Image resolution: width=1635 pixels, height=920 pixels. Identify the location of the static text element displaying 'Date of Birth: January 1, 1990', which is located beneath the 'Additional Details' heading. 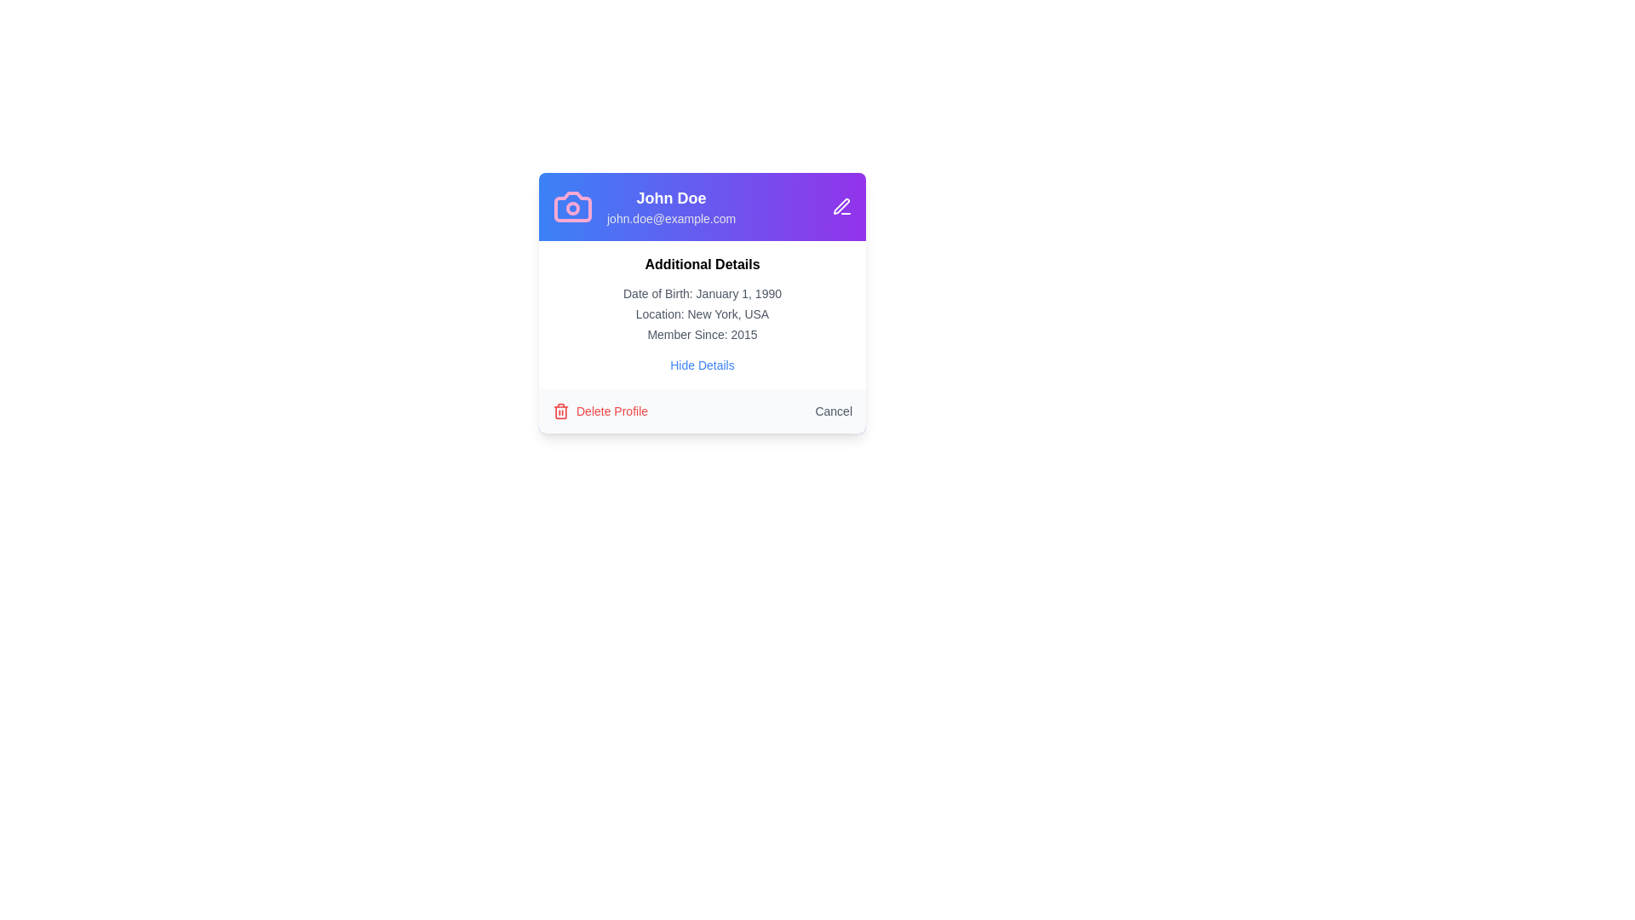
(703, 292).